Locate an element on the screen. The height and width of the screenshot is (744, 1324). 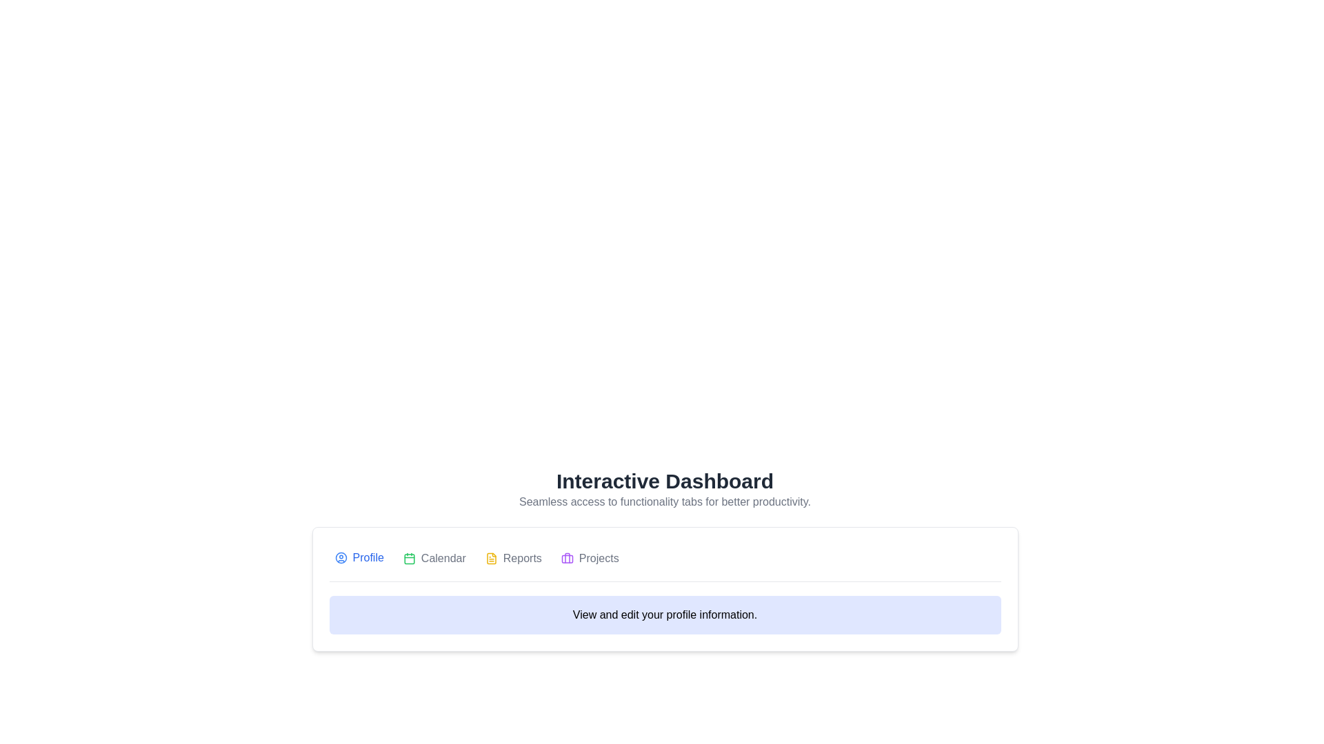
the Text Label labeled 'Projects', which is the fourth tab in a horizontal alignment of tabs, located near a briefcase icon is located at coordinates (599, 558).